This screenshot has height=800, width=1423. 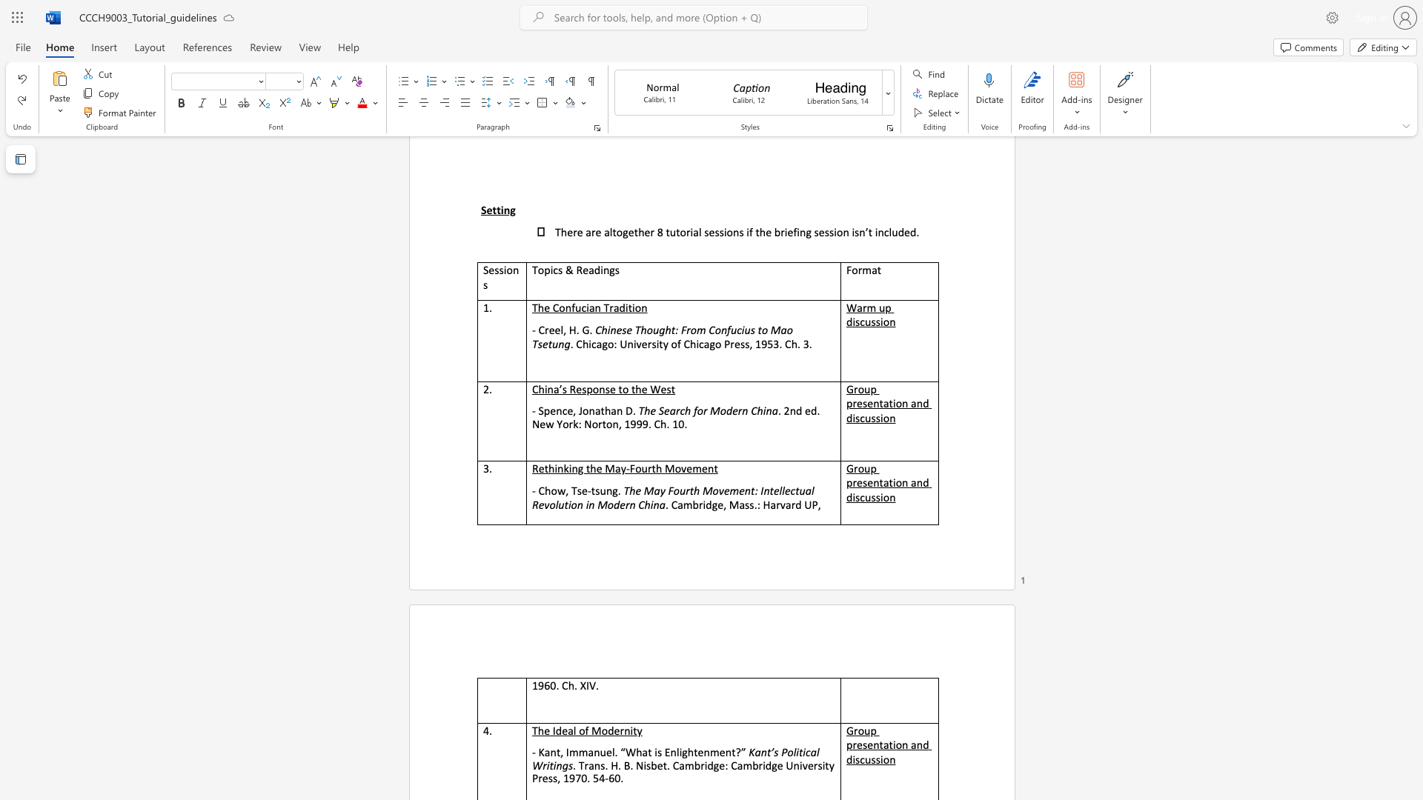 I want to click on the subset text ": H" within the text ". Cambridge, Mass.: Harvard UP,", so click(x=757, y=504).